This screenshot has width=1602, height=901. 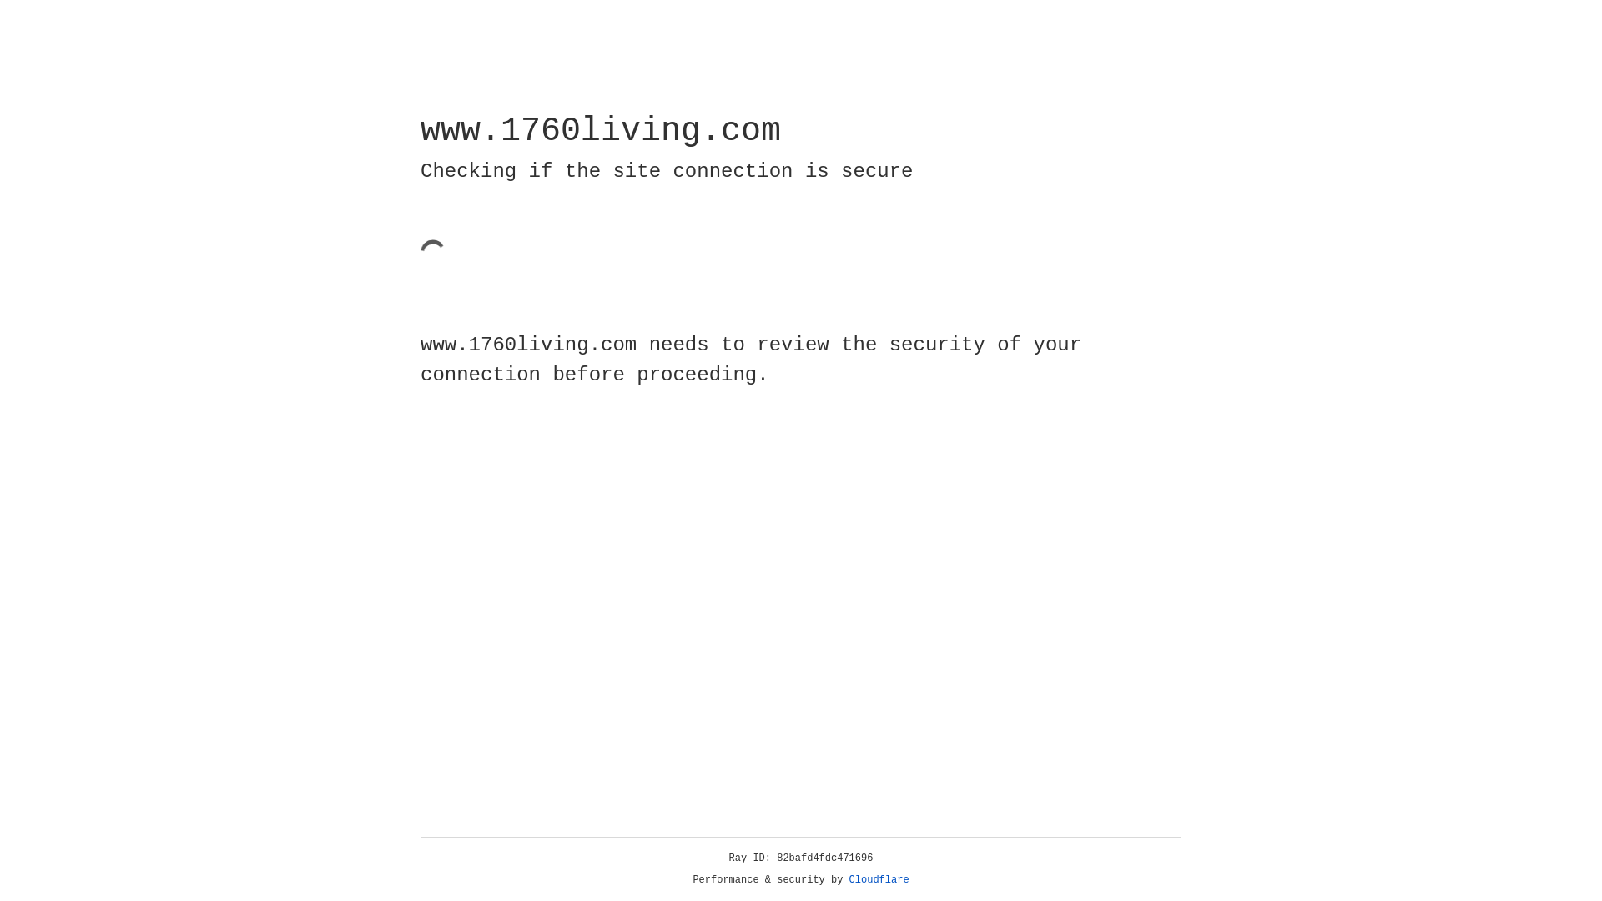 What do you see at coordinates (879, 879) in the screenshot?
I see `'Cloudflare'` at bounding box center [879, 879].